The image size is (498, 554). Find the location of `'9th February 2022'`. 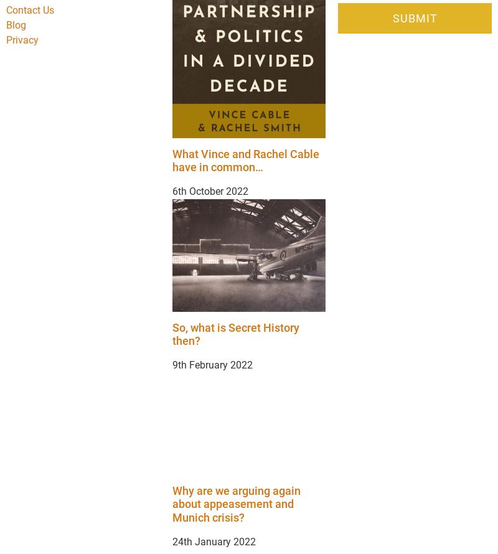

'9th February 2022' is located at coordinates (212, 364).